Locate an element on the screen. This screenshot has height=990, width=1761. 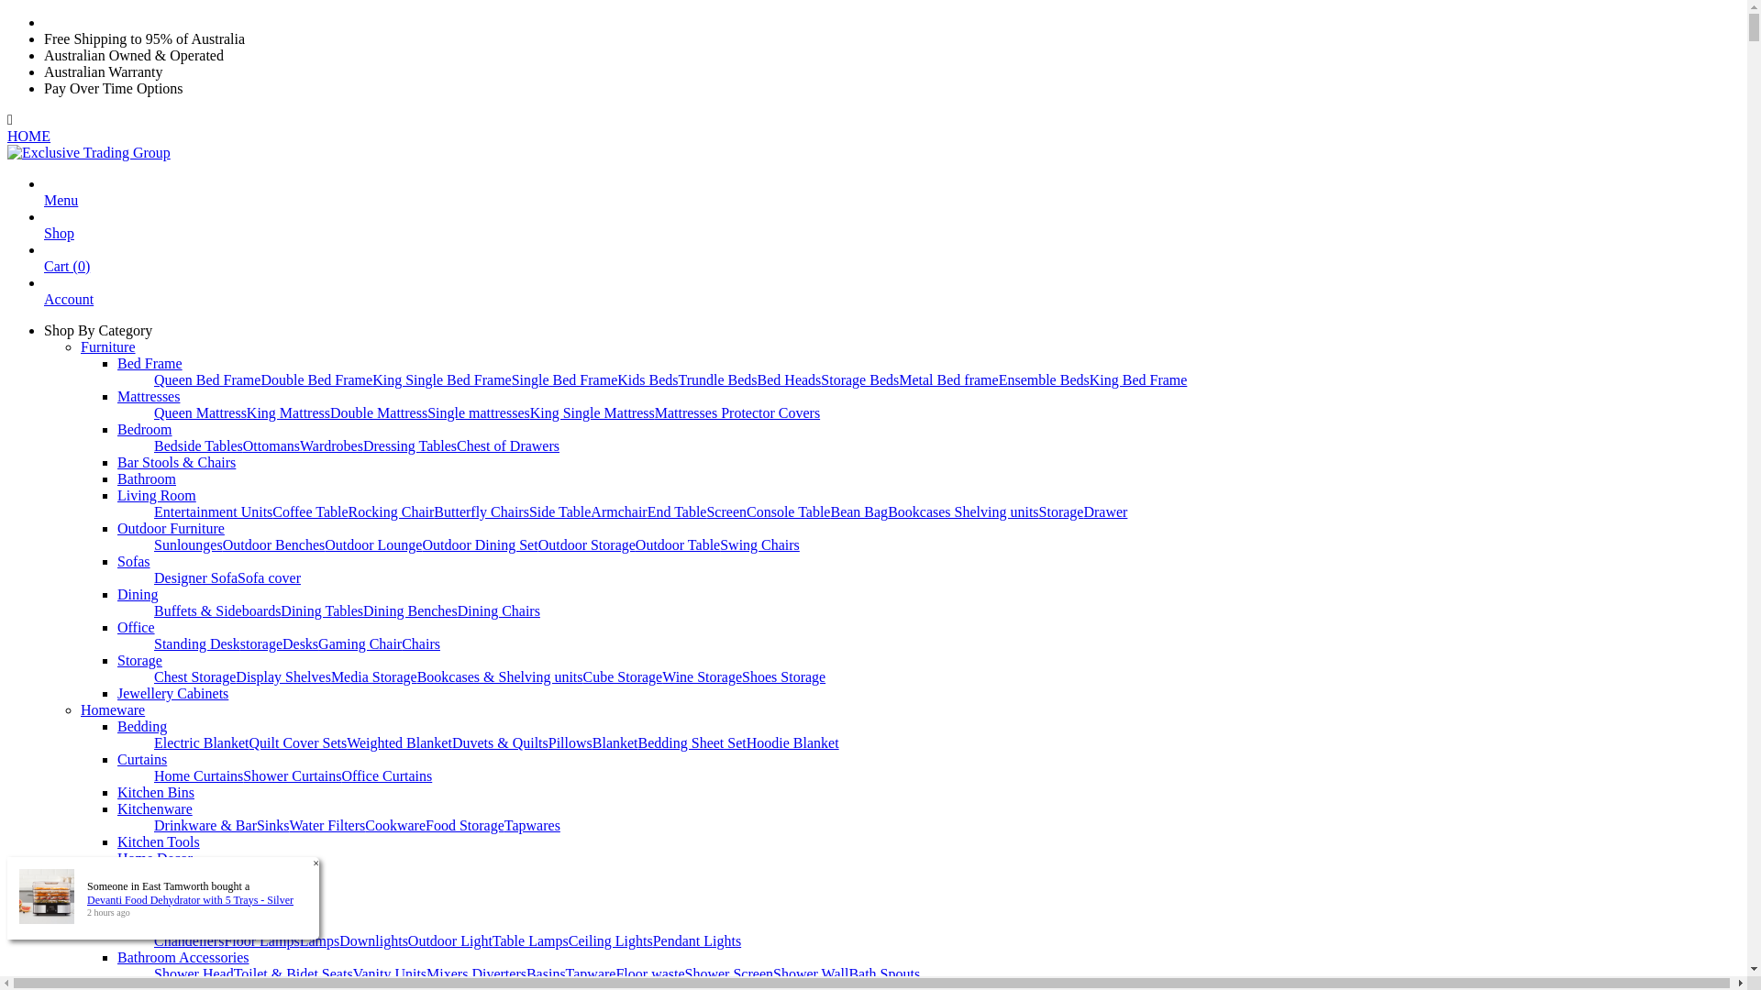
'Blanket' is located at coordinates (615, 742).